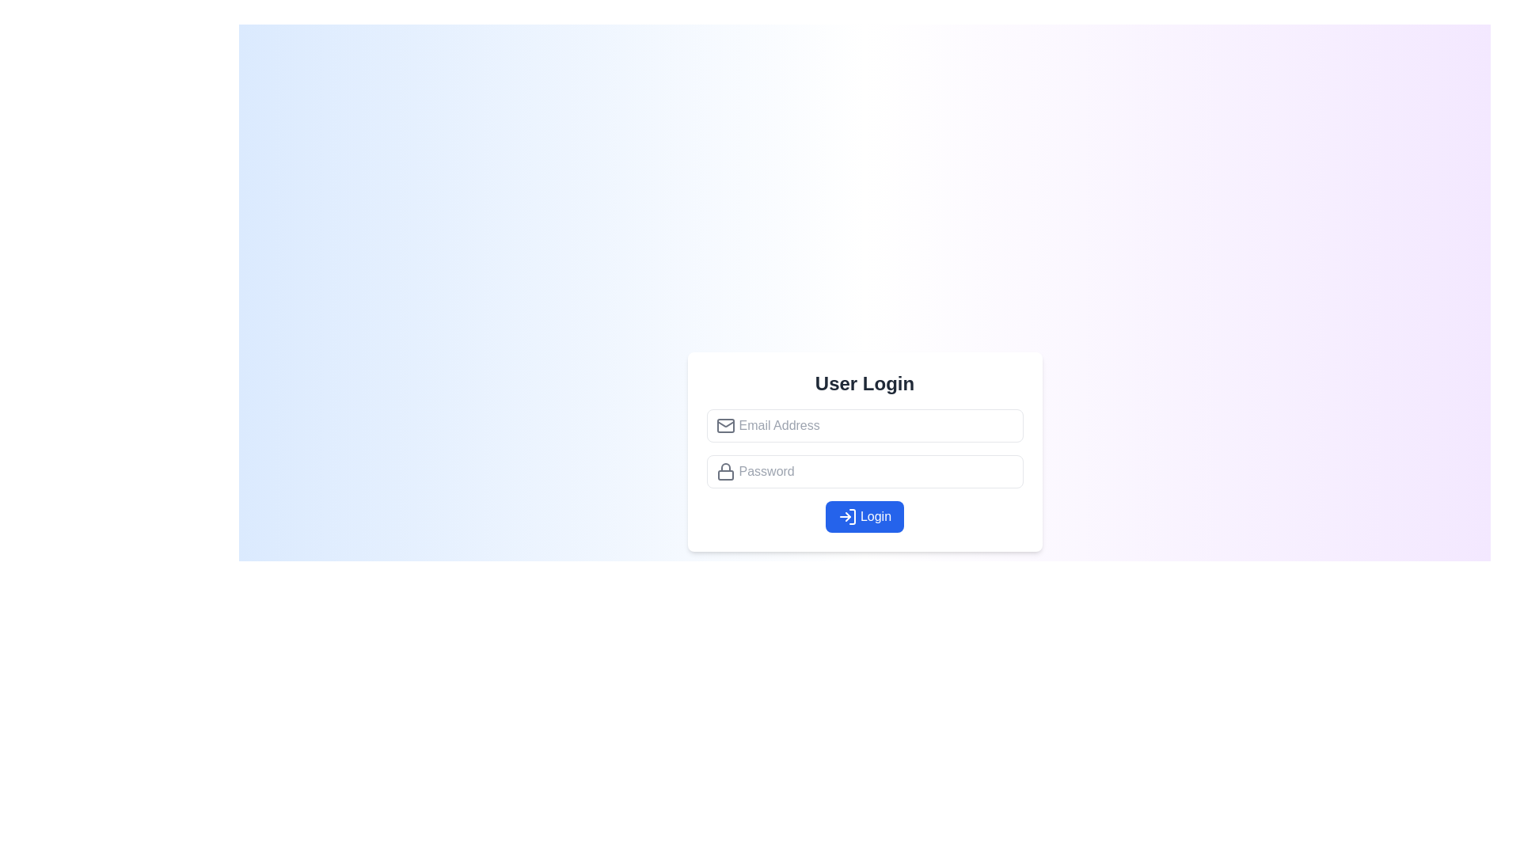 The image size is (1520, 855). What do you see at coordinates (864, 516) in the screenshot?
I see `the login button located below the password input field in the 'User Login' form` at bounding box center [864, 516].